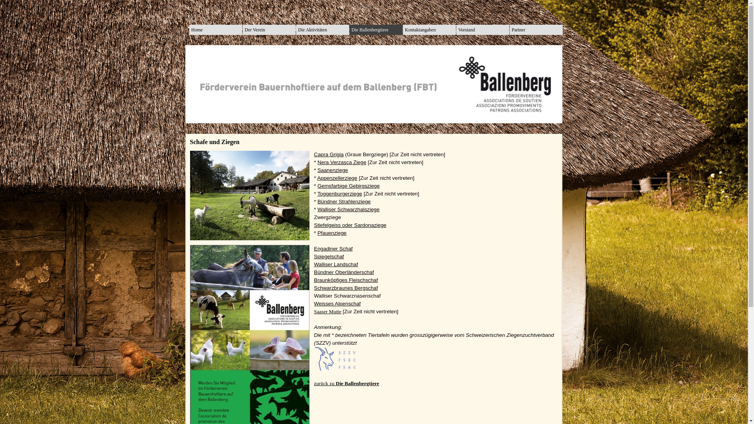 Image resolution: width=754 pixels, height=424 pixels. What do you see at coordinates (337, 178) in the screenshot?
I see `'Appenzellerziege'` at bounding box center [337, 178].